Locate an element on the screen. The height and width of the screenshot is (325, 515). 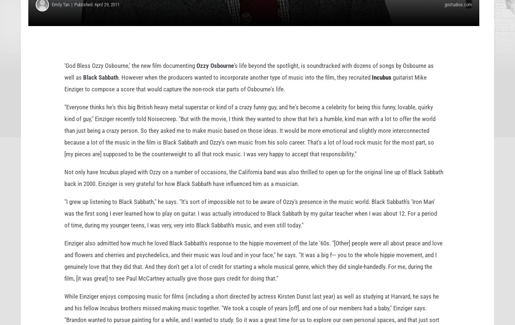
'Incubus' is located at coordinates (381, 89).